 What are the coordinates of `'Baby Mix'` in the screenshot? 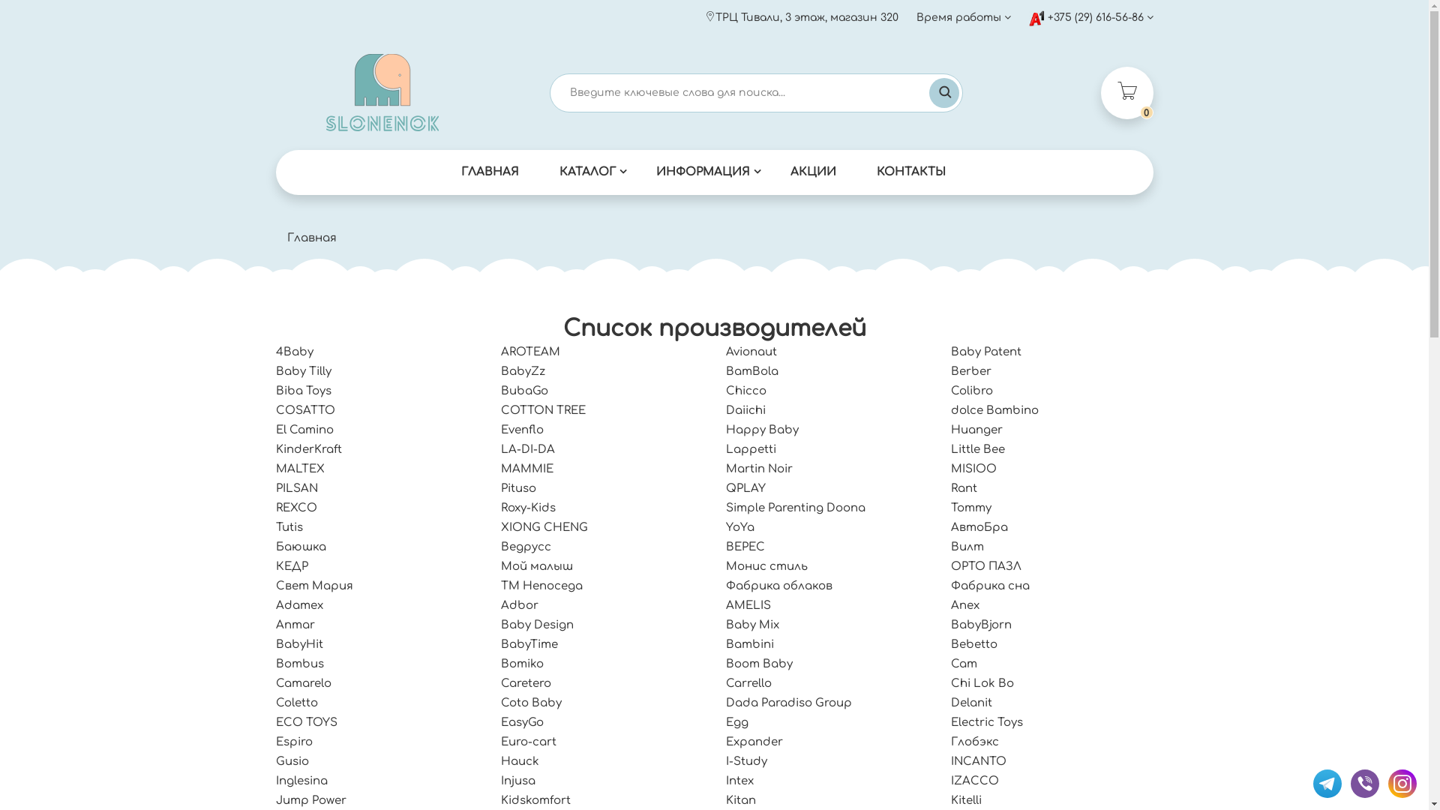 It's located at (752, 625).